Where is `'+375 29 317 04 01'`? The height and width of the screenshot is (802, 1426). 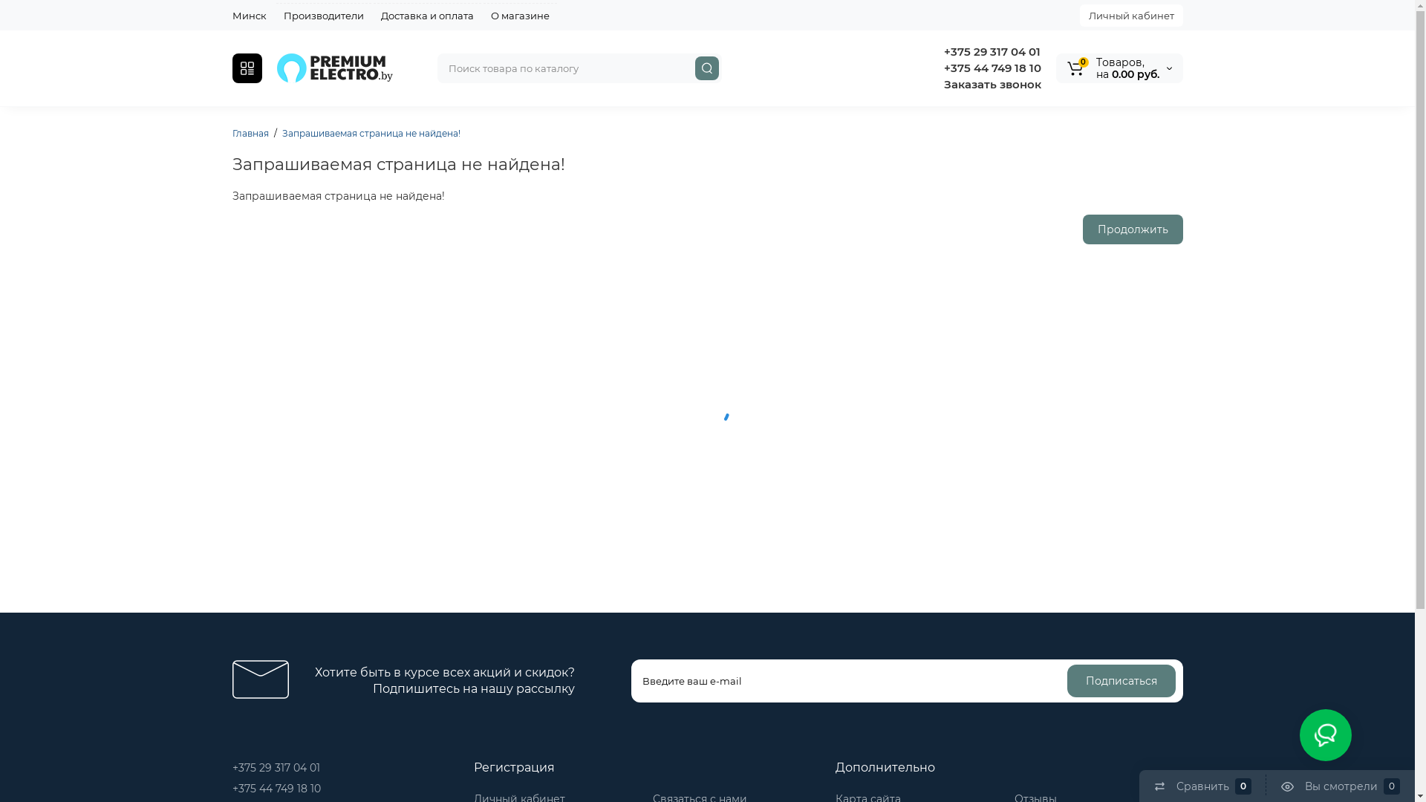
'+375 29 317 04 01' is located at coordinates (990, 50).